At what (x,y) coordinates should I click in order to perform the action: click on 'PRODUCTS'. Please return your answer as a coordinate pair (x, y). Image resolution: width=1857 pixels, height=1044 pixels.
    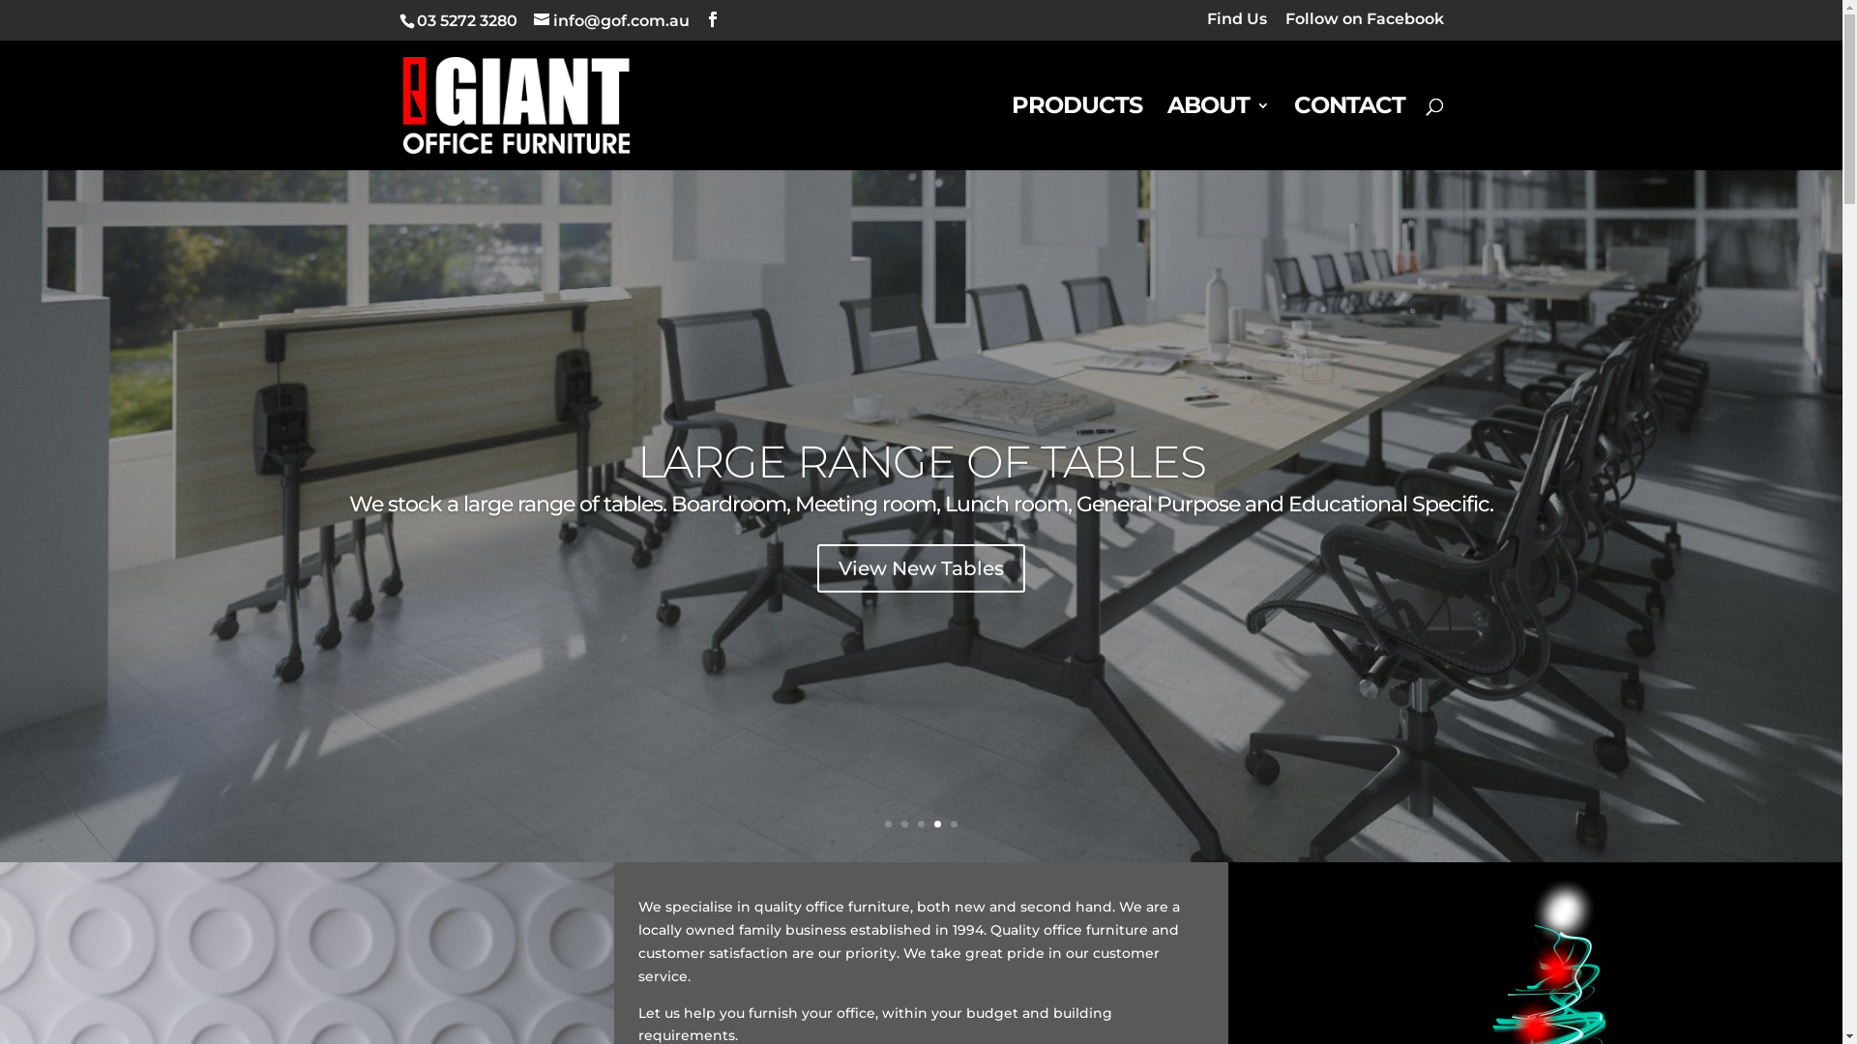
    Looking at the image, I should click on (1076, 132).